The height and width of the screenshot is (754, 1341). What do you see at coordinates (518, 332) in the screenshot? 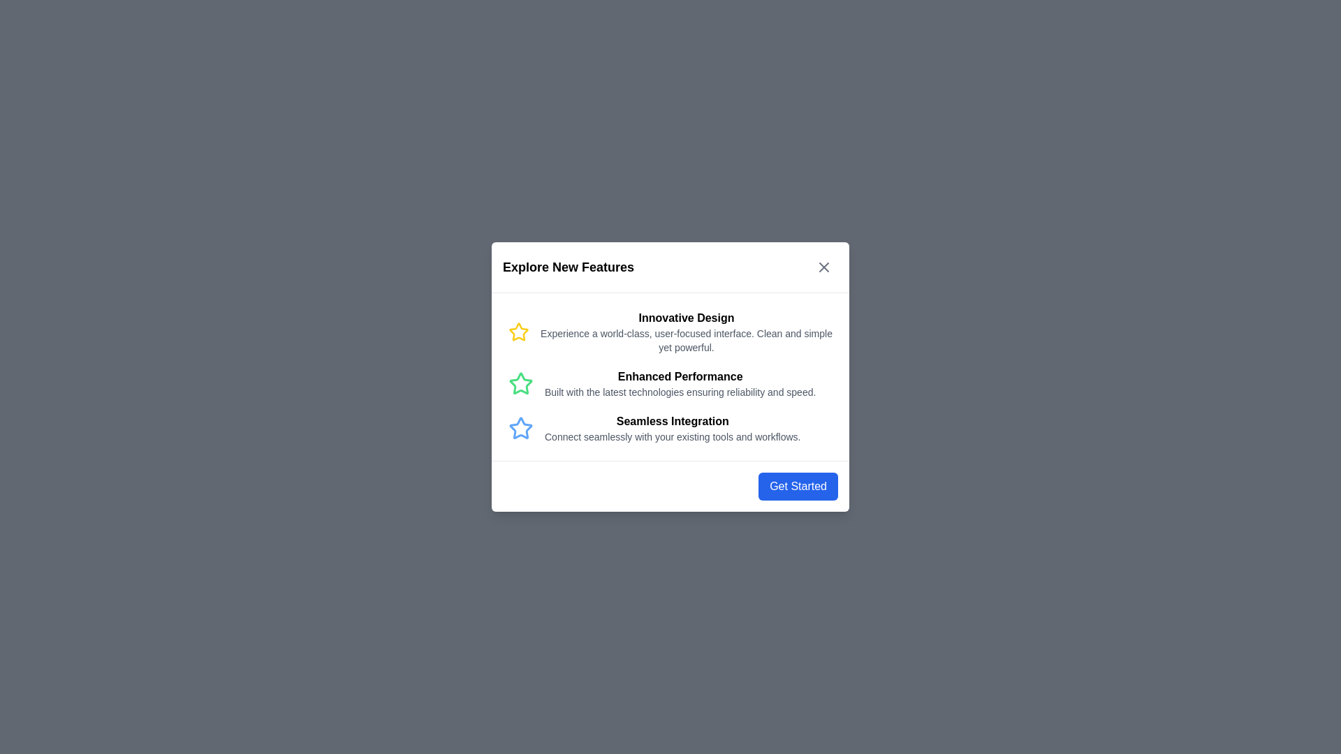
I see `the decorative star icon representing 'Enhanced Performance' located in the second row of the dialog box under 'Explore New Features.'` at bounding box center [518, 332].